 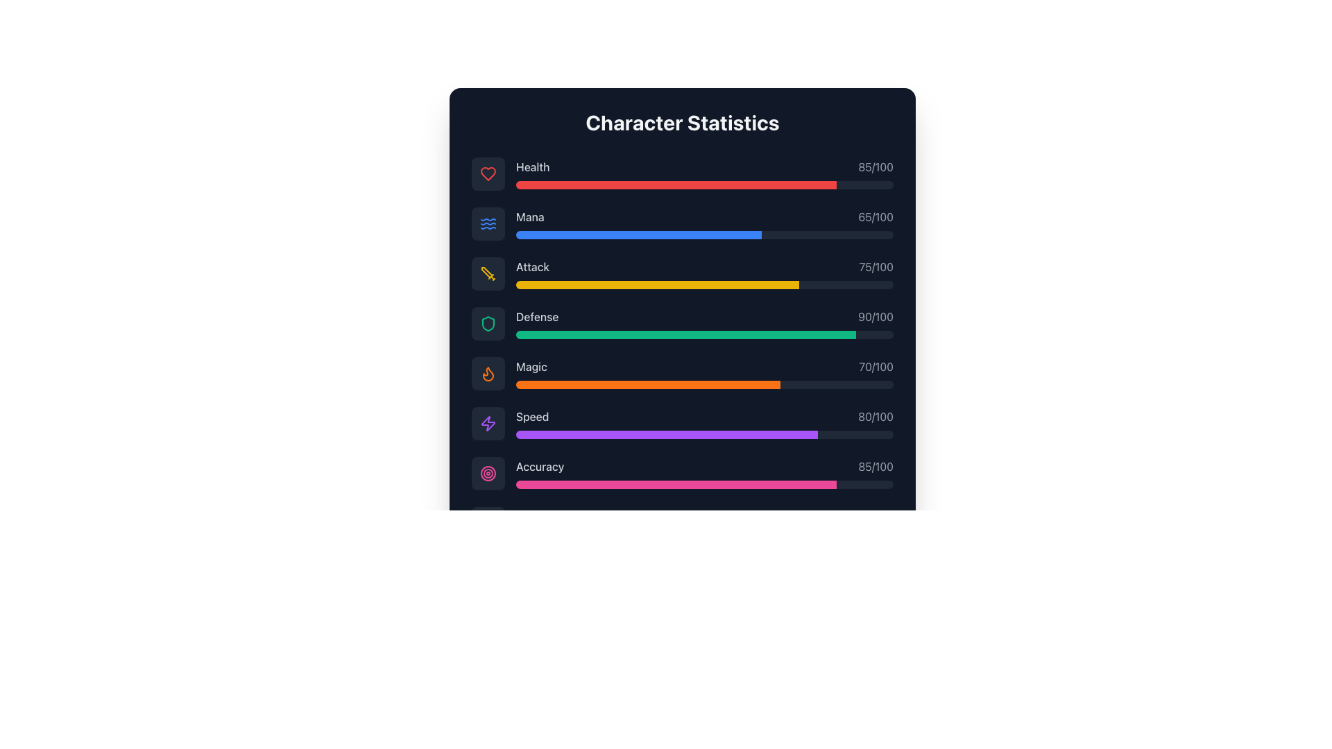 I want to click on text of the 'Mana' label located immediately to the right of the wave symbol icon in the character statistics list, so click(x=529, y=216).